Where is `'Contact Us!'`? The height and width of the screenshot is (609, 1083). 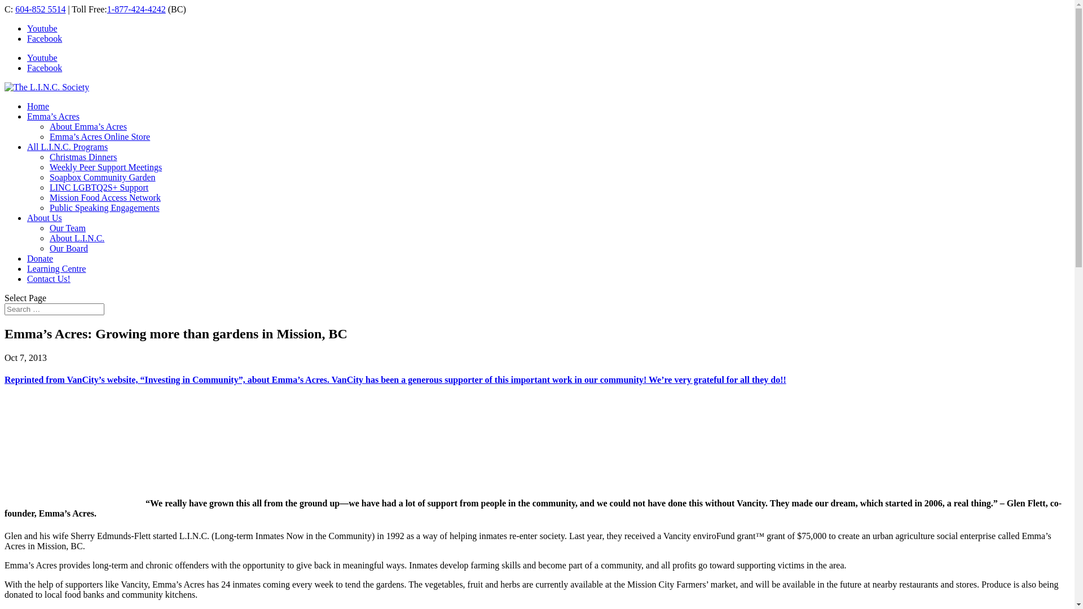 'Contact Us!' is located at coordinates (48, 279).